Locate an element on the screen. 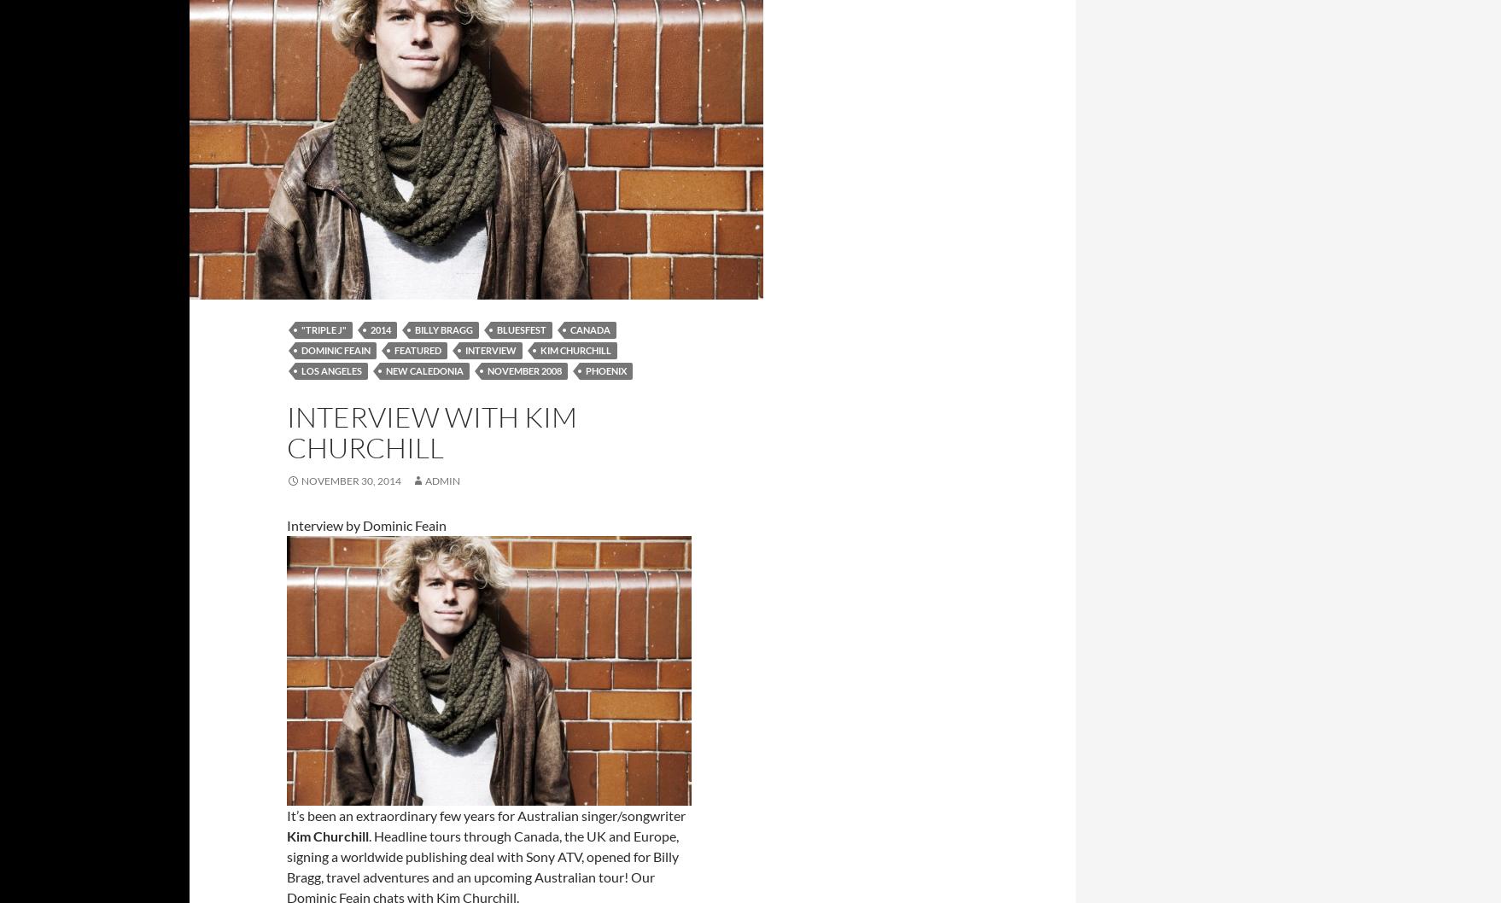  'Phoenix' is located at coordinates (606, 370).